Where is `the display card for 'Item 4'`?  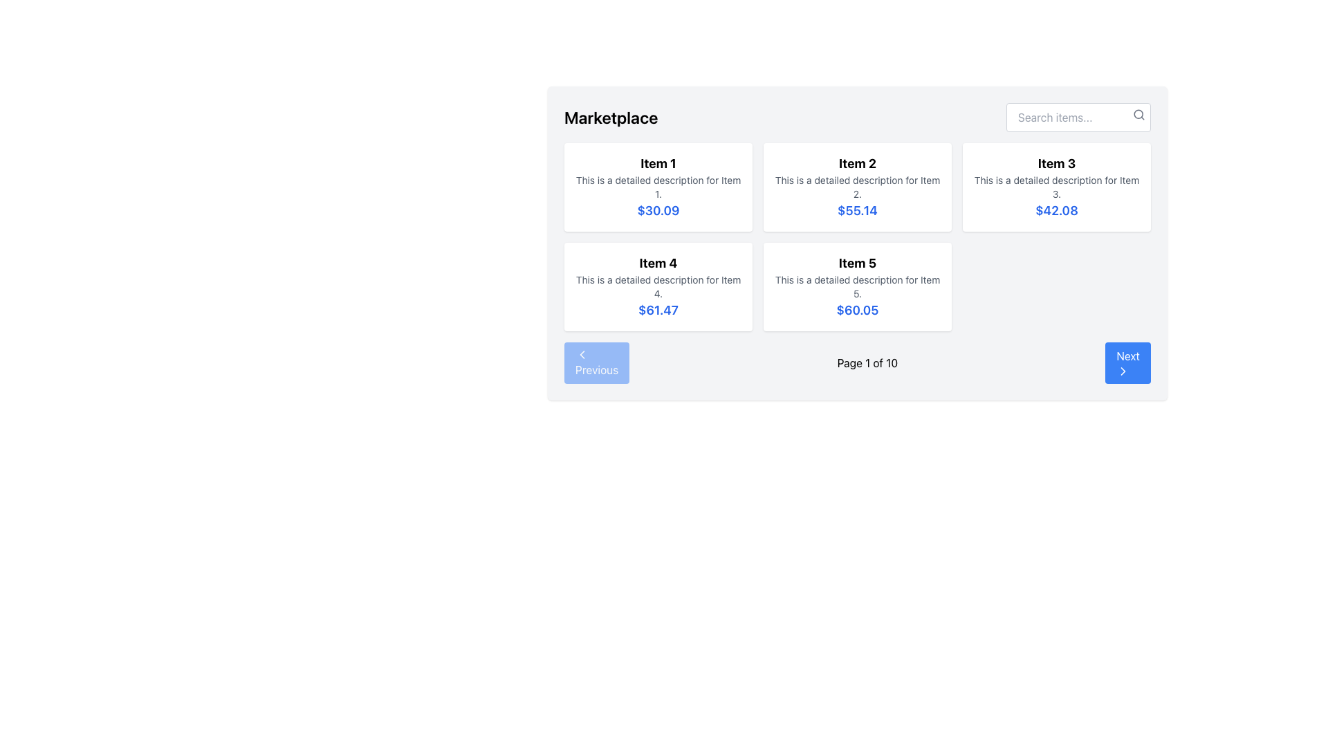
the display card for 'Item 4' is located at coordinates (657, 286).